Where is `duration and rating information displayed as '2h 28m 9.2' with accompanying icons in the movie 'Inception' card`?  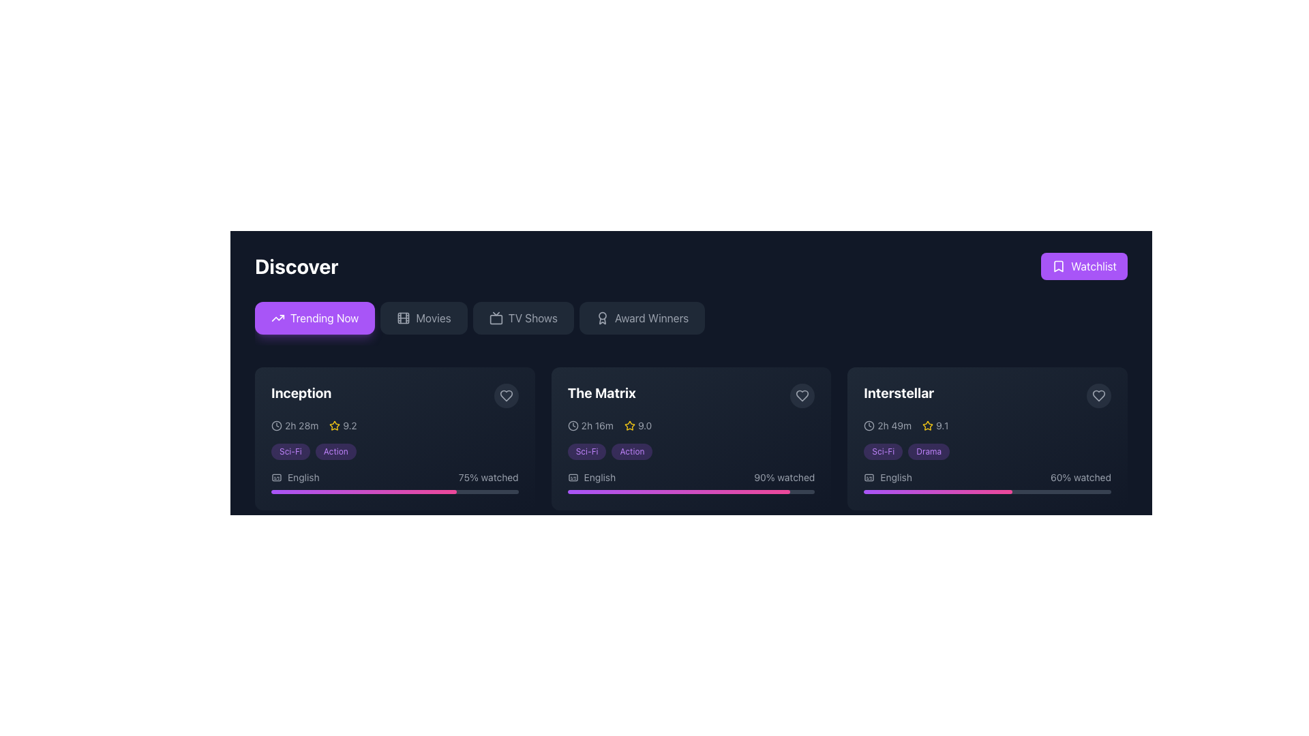 duration and rating information displayed as '2h 28m 9.2' with accompanying icons in the movie 'Inception' card is located at coordinates (394, 425).